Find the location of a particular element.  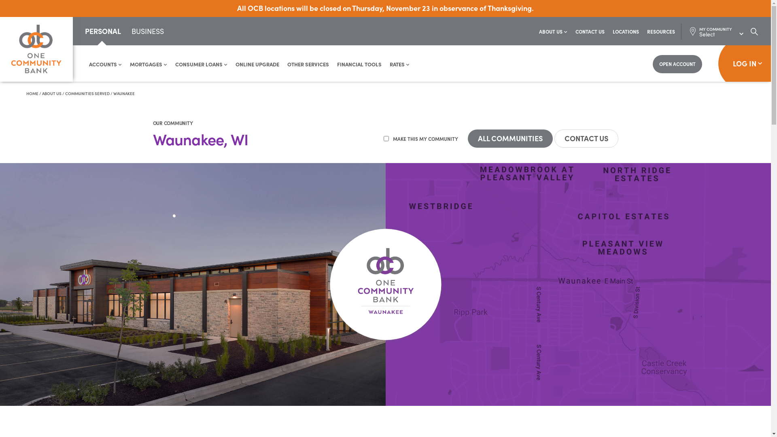

'CONTACT US' is located at coordinates (590, 31).